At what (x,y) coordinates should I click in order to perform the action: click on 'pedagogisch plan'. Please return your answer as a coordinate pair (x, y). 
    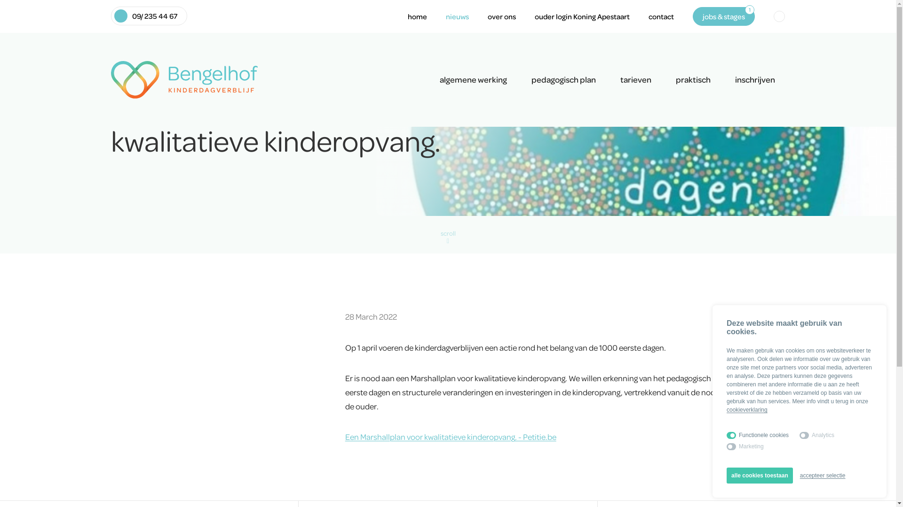
    Looking at the image, I should click on (521, 79).